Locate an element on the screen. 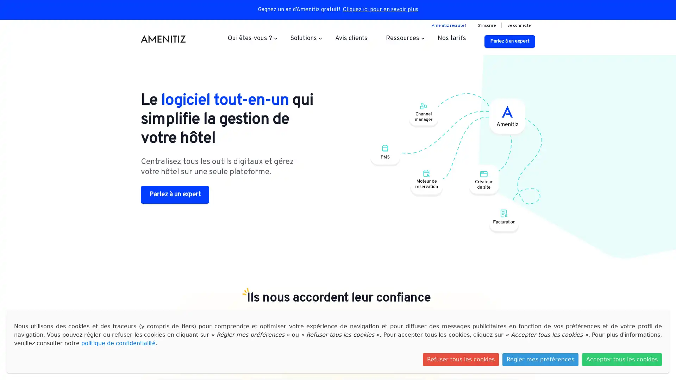 Image resolution: width=676 pixels, height=380 pixels. Accepter tous les cookies is located at coordinates (622, 360).